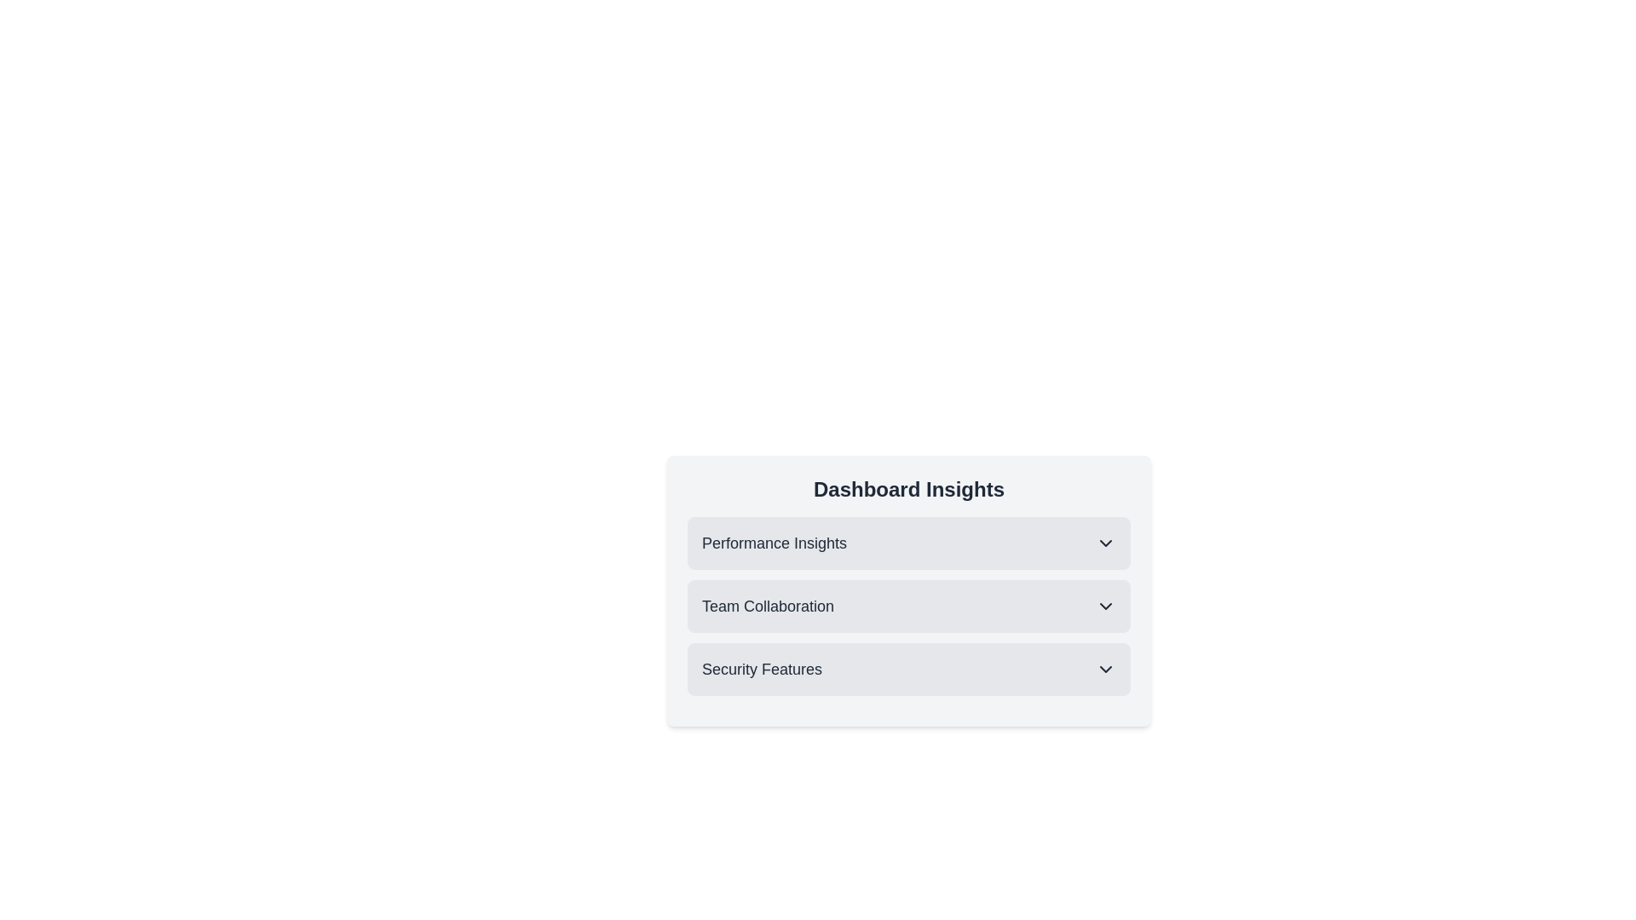 This screenshot has height=920, width=1636. Describe the element at coordinates (1105, 543) in the screenshot. I see `the downward-facing chevron icon located on the far right of the 'Performance Insights' section` at that location.